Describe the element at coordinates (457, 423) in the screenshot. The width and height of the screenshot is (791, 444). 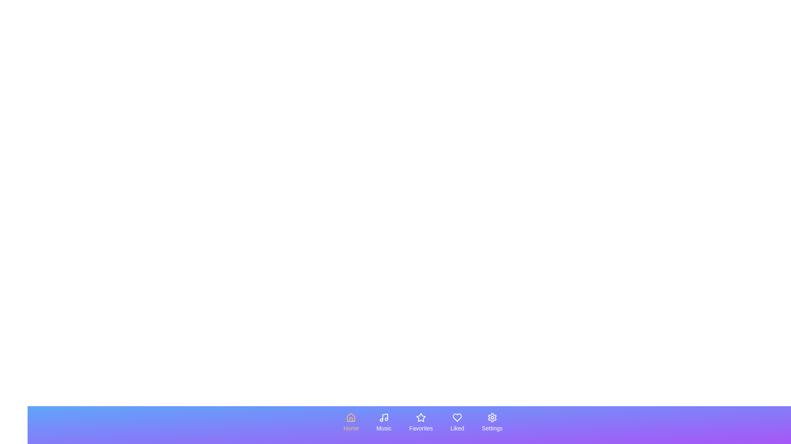
I see `the tab labeled Liked by clicking on its icon or label` at that location.